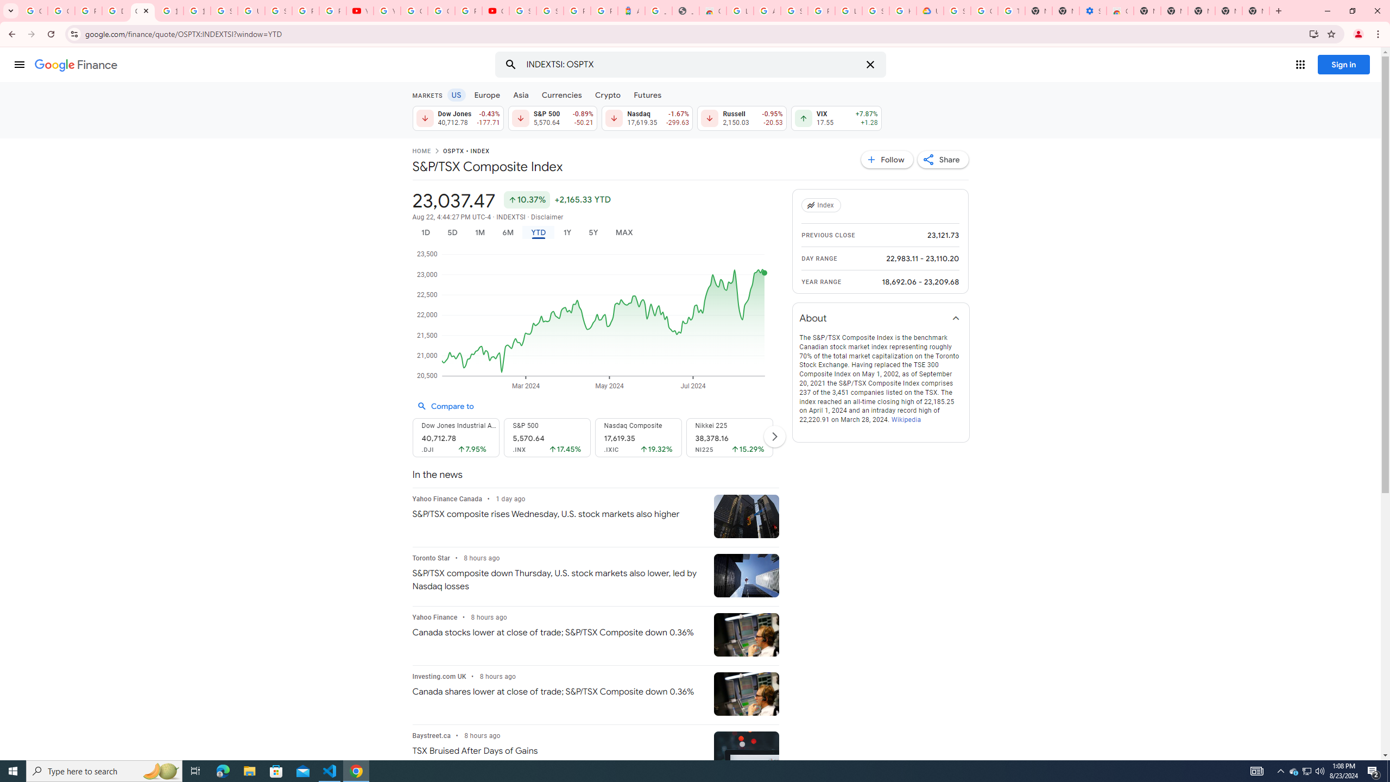  Describe the element at coordinates (549, 10) in the screenshot. I see `'Sign in - Google Accounts'` at that location.